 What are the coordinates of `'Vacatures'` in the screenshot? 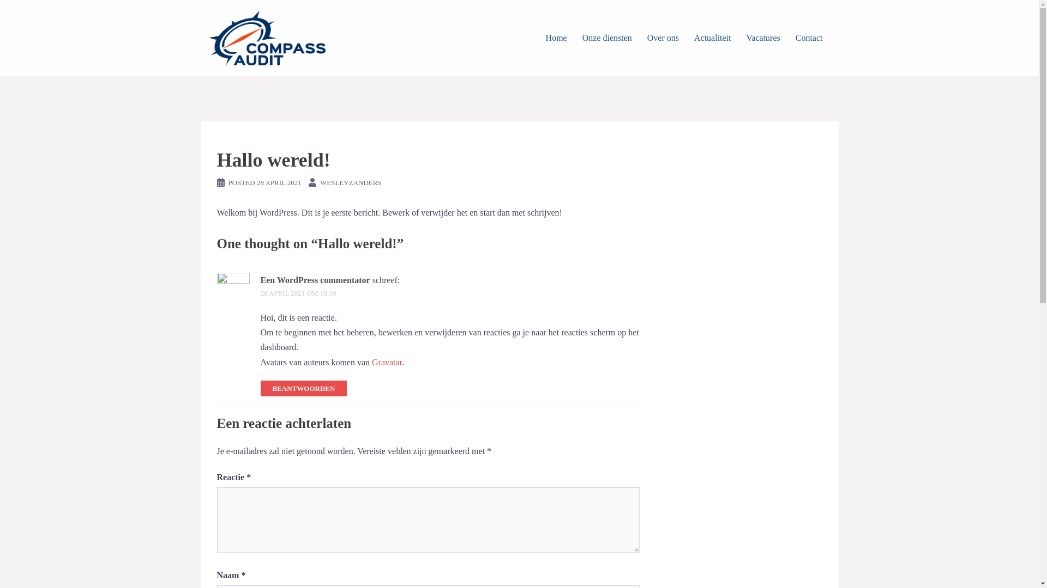 It's located at (763, 37).